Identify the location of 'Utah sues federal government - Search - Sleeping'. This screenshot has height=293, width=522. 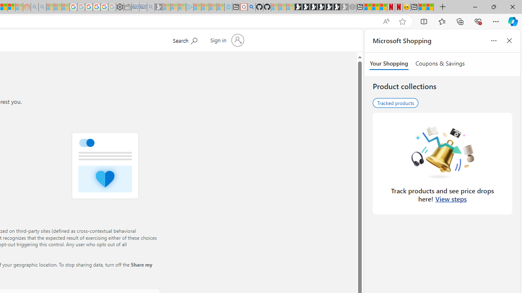
(42, 7).